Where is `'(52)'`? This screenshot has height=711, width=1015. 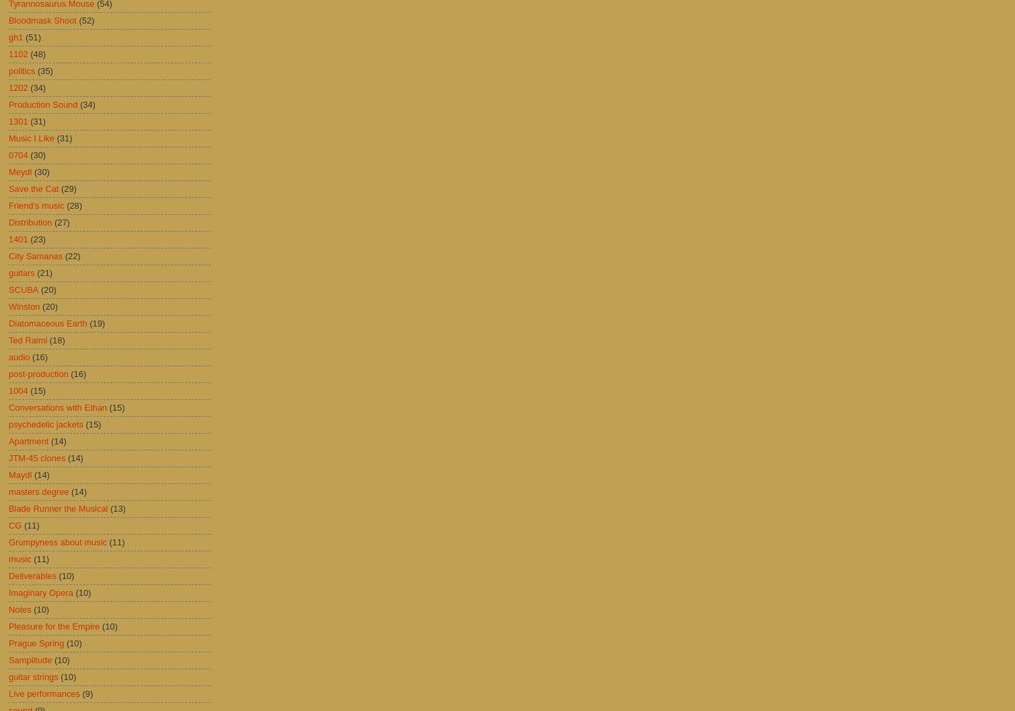 '(52)' is located at coordinates (86, 20).